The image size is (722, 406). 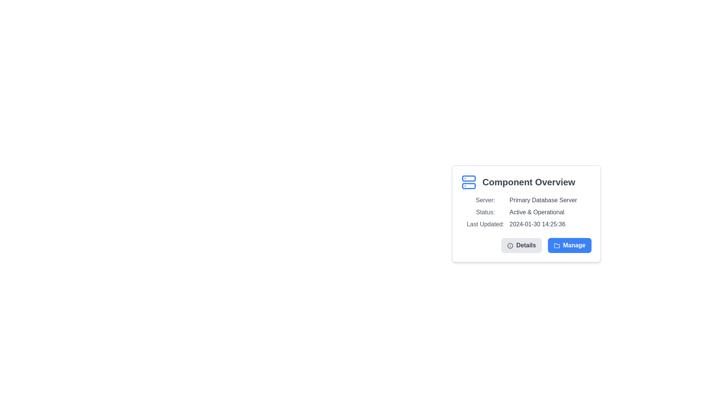 I want to click on the text field displaying information labeled 'Server:' with the associated value 'Primary Database Server', which is the first row of text in a vertical sequence within the card layout, so click(x=526, y=200).